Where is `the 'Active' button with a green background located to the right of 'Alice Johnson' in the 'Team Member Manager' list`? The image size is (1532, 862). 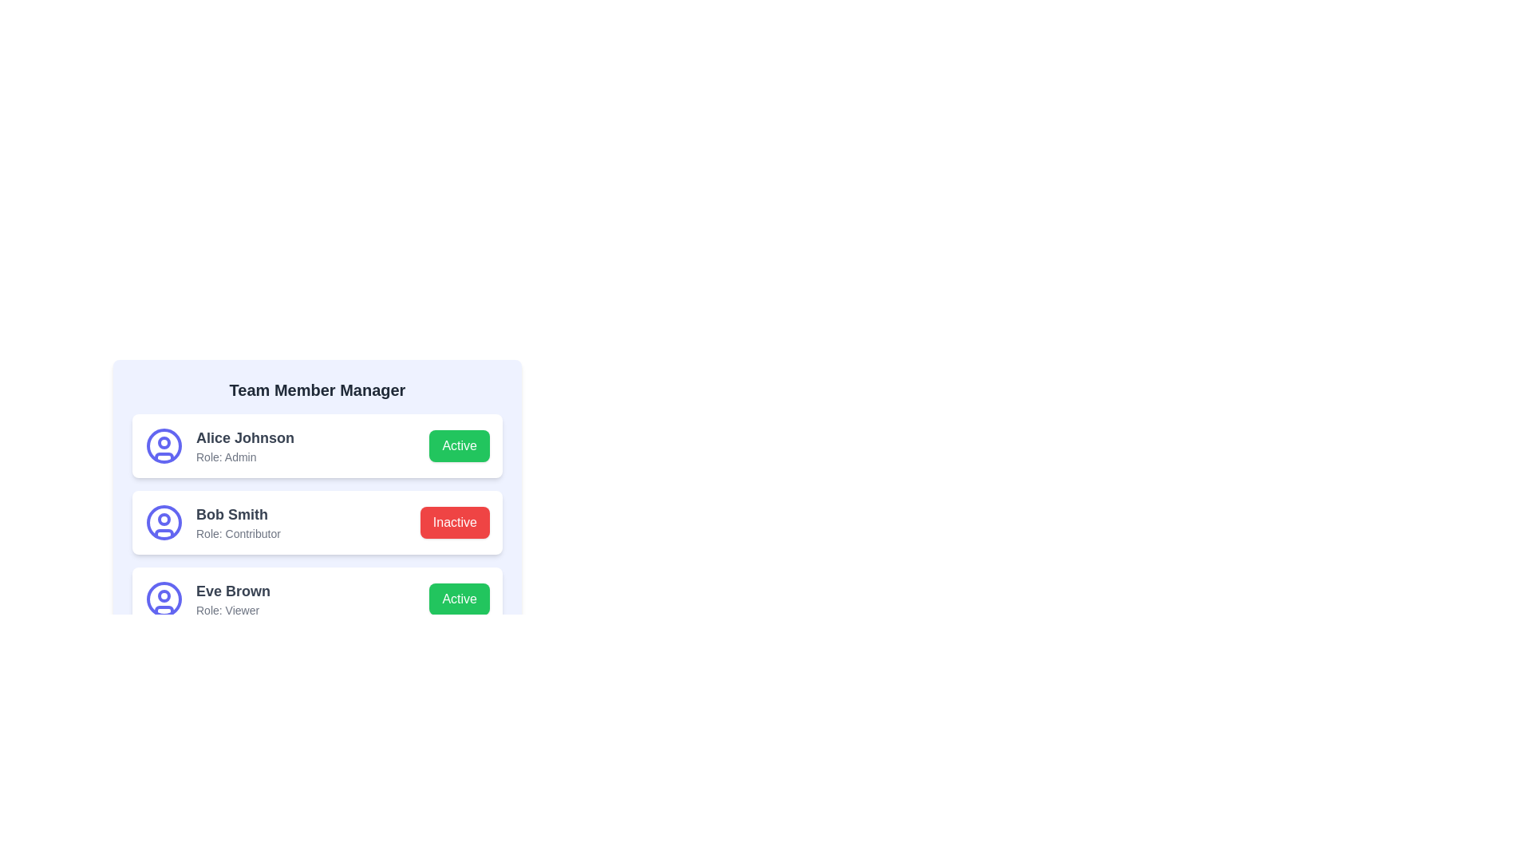
the 'Active' button with a green background located to the right of 'Alice Johnson' in the 'Team Member Manager' list is located at coordinates (459, 446).